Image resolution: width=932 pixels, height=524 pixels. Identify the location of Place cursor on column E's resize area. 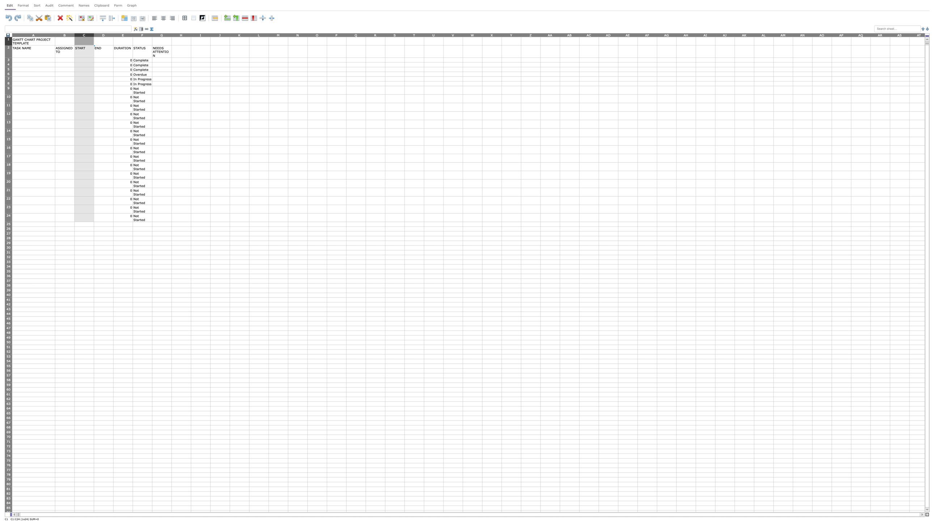
(132, 34).